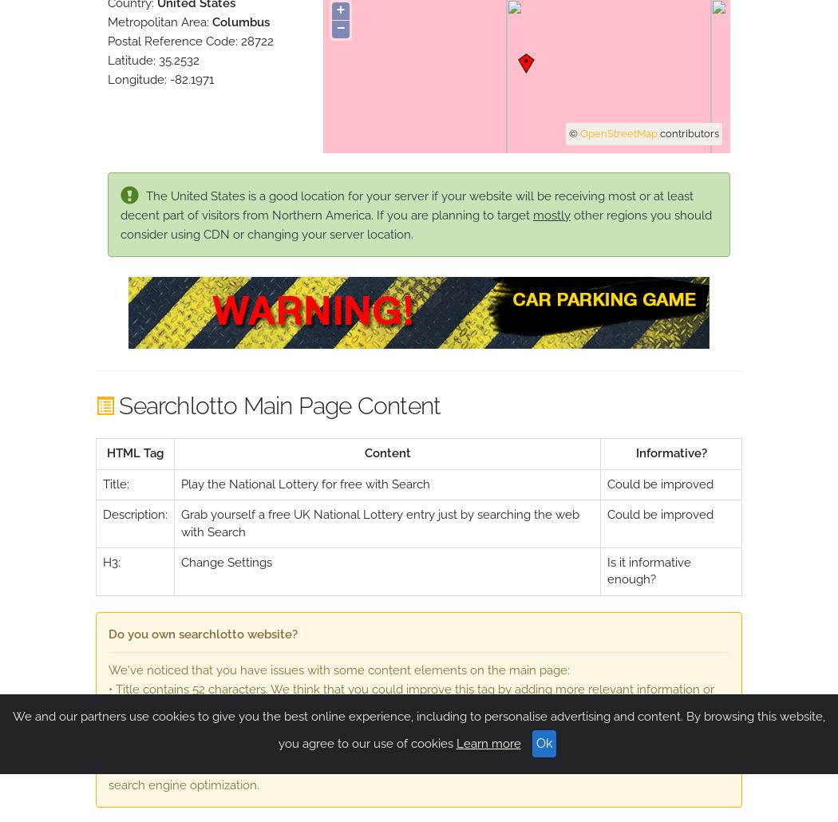  Describe the element at coordinates (203, 633) in the screenshot. I see `'Do you own searchlotto website?'` at that location.